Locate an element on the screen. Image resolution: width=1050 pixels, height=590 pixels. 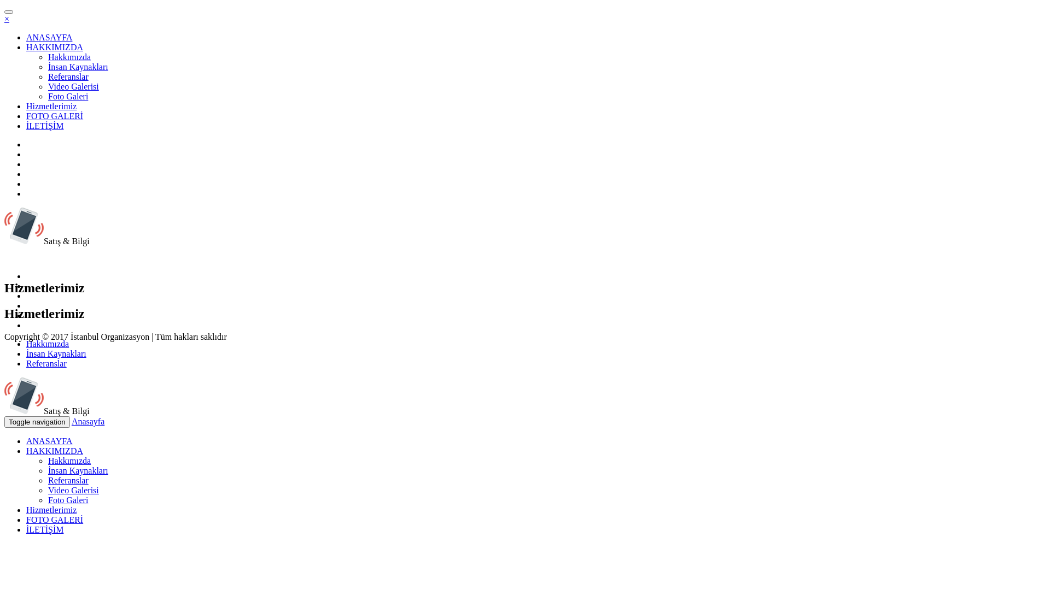
'Toggle navigation' is located at coordinates (37, 421).